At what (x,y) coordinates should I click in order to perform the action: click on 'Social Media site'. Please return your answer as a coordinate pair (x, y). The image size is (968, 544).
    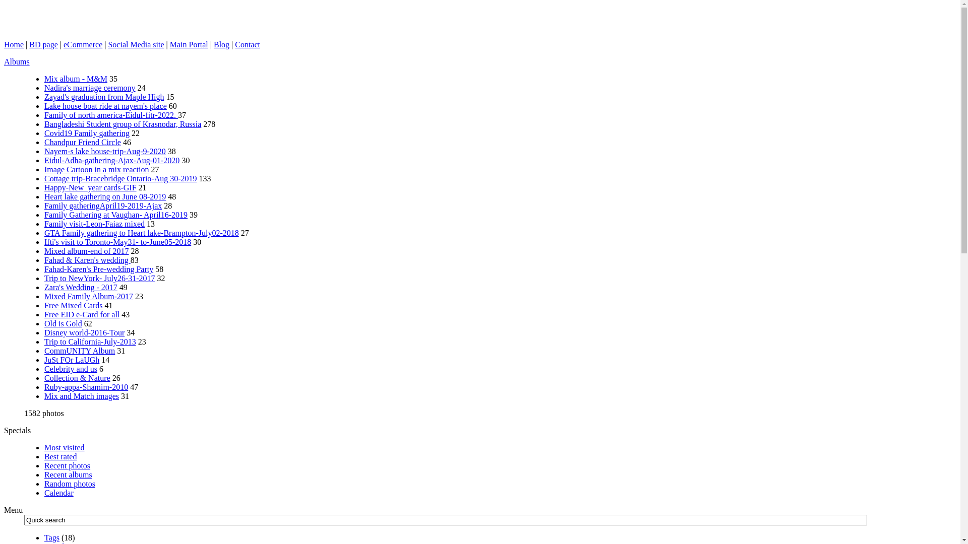
    Looking at the image, I should click on (108, 44).